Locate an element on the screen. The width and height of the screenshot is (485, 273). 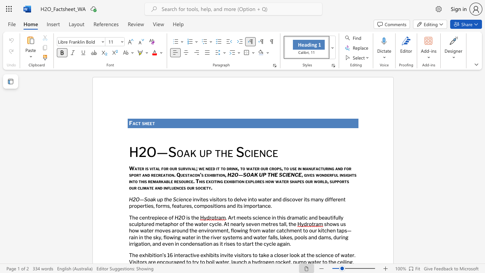
the subset text "t meets science in this dramatic and beautifully sculptured metaphor of the wat" within the text ". Art meets science in this dramatic and beautifully sculptured metaphor of the water cycle. At nearly seven metres tall, the" is located at coordinates (233, 217).